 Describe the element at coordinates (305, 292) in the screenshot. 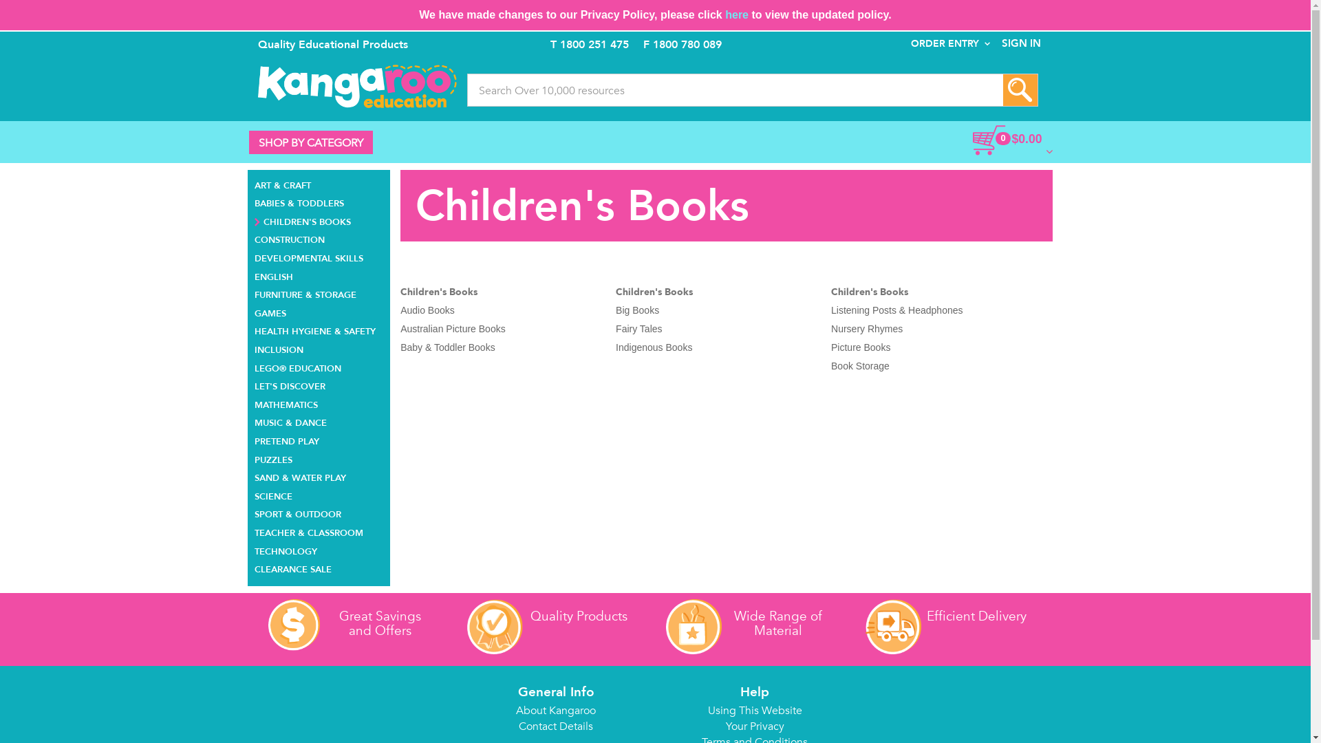

I see `'FURNITURE & STORAGE'` at that location.